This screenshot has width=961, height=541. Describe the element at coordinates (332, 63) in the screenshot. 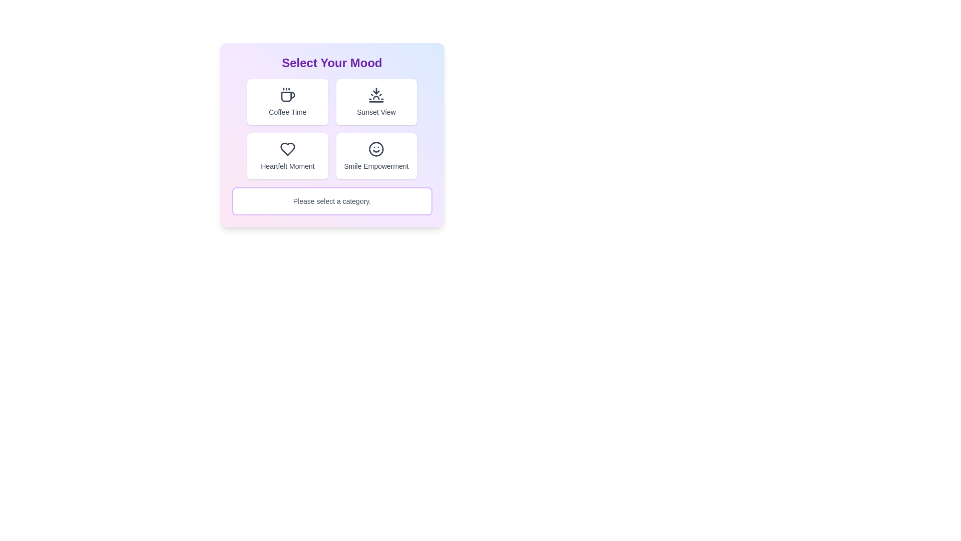

I see `Header or Title Text located at the top of the card layout, which presents the title or theme for the options displayed below` at that location.